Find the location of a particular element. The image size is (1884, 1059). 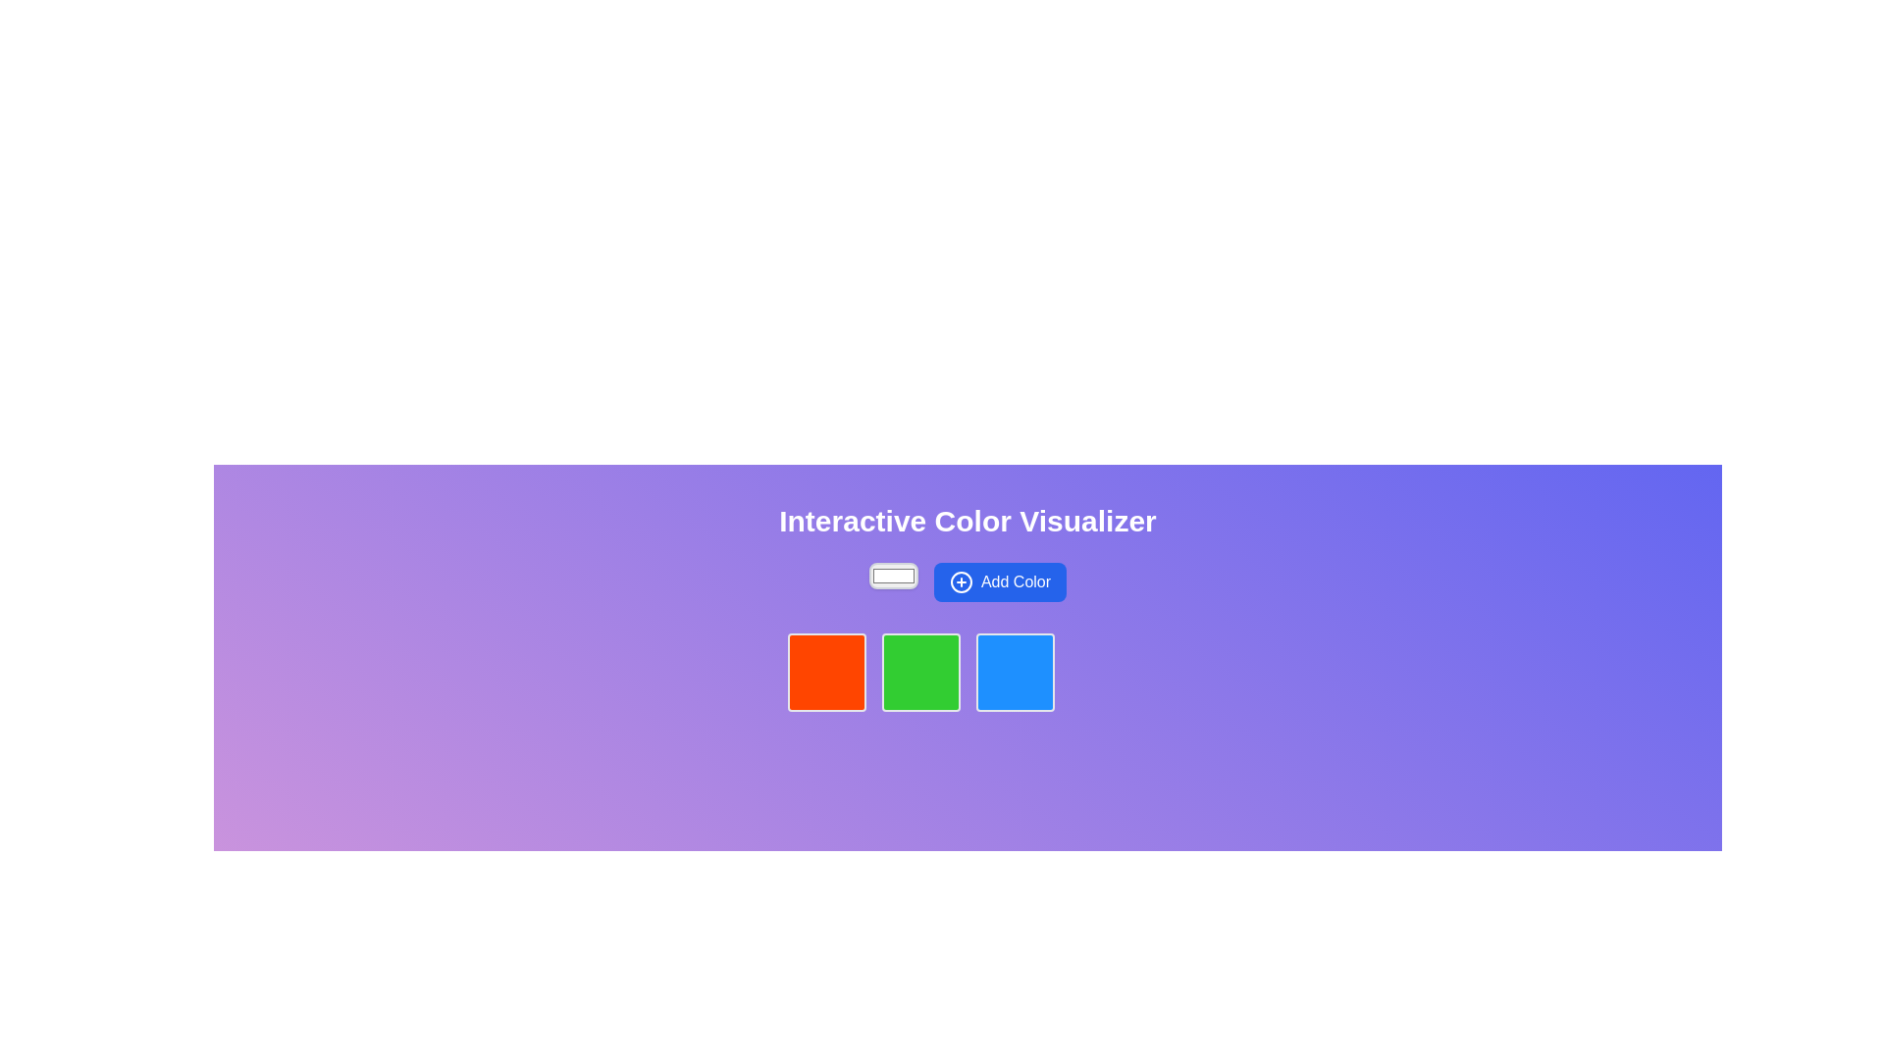

the SVG graphic circle that is part of the 'Add Color' button, enhancing its recognizability and action indication is located at coordinates (961, 581).